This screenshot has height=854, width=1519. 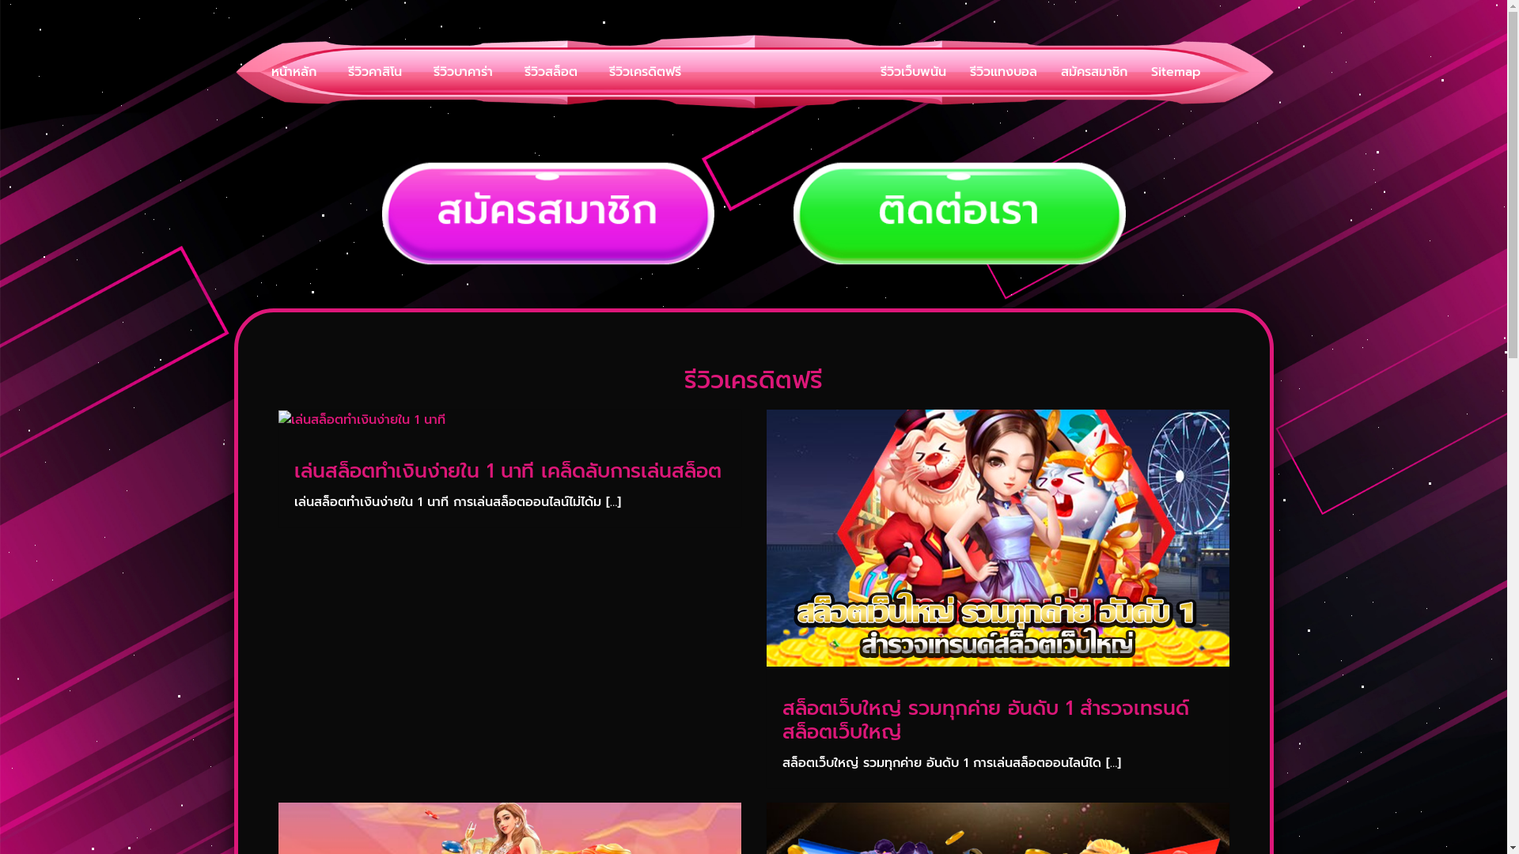 I want to click on 'Sitemap', so click(x=1175, y=72).